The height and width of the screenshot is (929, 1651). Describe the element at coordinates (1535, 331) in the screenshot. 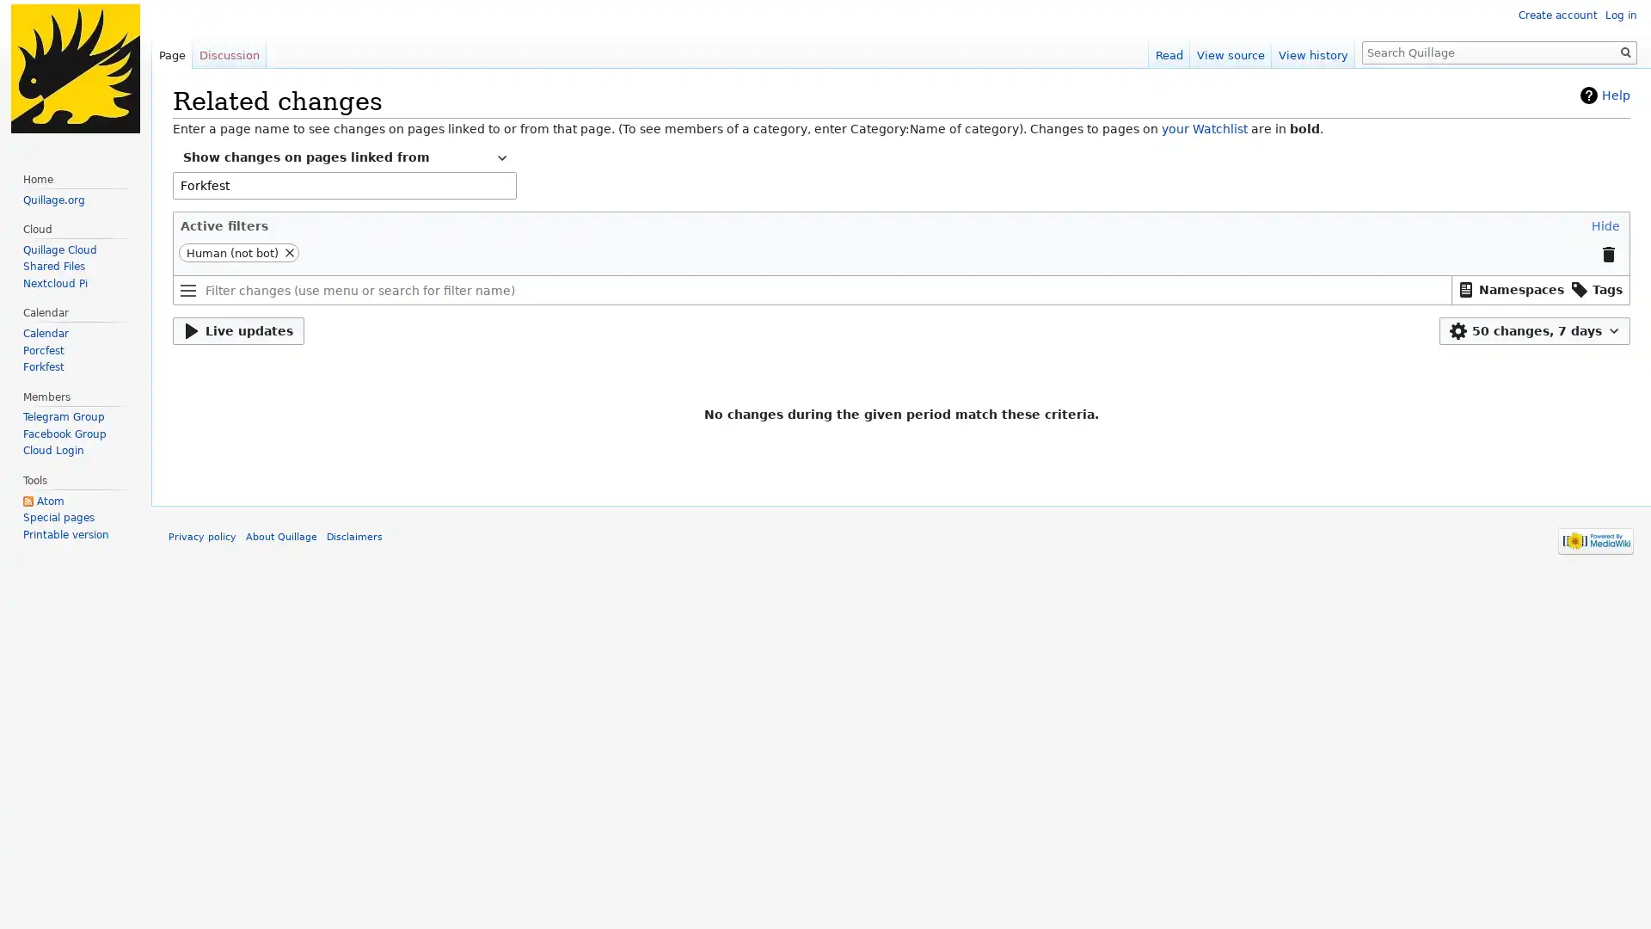

I see `50 changes, 7 days` at that location.